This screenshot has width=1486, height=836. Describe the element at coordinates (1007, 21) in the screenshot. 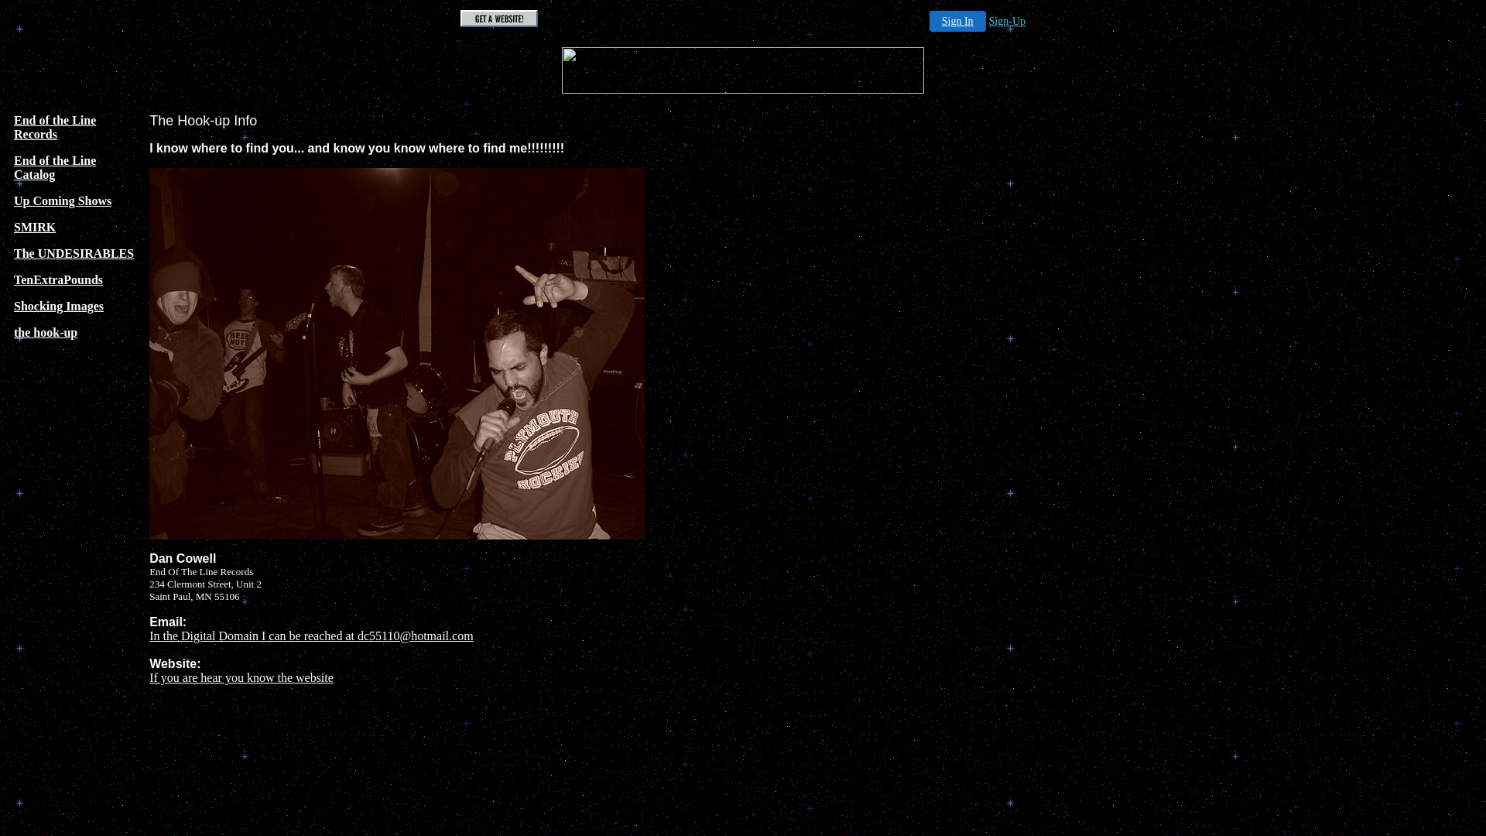

I see `'Sign-Up'` at that location.